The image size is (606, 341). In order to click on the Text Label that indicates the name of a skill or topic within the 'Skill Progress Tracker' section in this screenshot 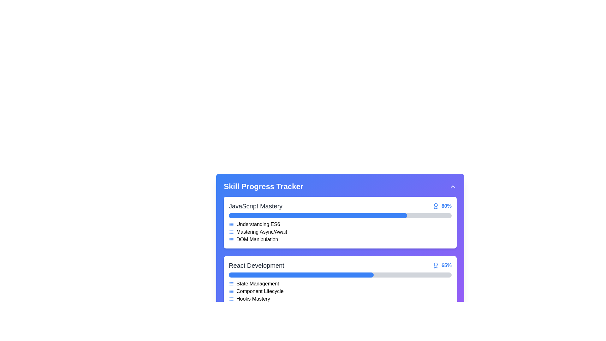, I will do `click(256, 206)`.